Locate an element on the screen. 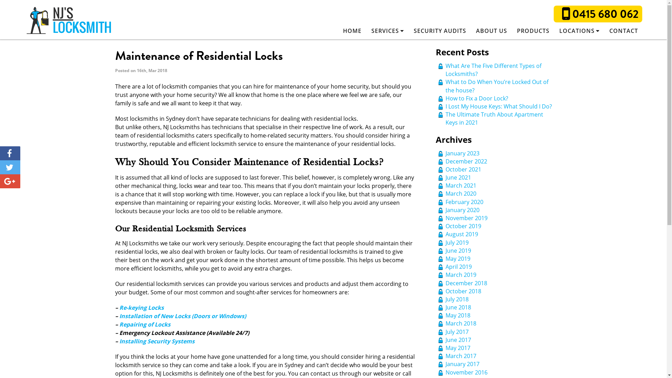  'August 2019' is located at coordinates (445, 234).